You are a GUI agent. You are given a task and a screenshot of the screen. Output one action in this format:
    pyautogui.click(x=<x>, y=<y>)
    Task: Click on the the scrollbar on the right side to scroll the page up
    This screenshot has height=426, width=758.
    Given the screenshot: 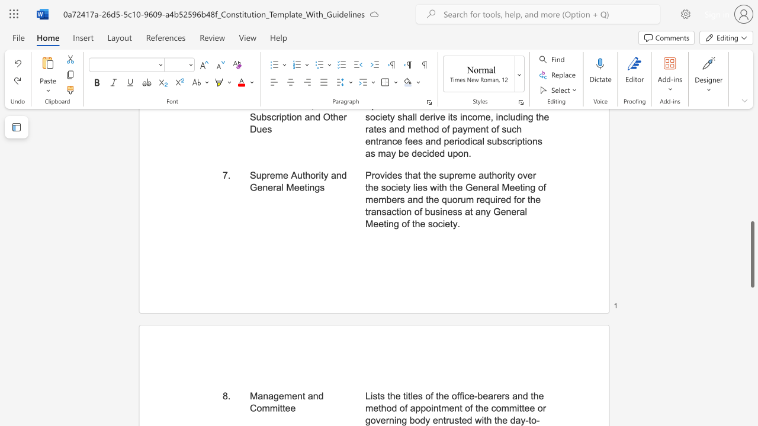 What is the action you would take?
    pyautogui.click(x=751, y=188)
    